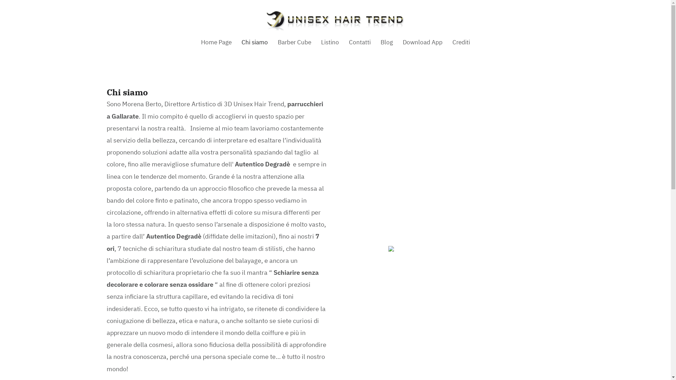 This screenshot has height=380, width=676. I want to click on 'Barber Cube', so click(294, 42).